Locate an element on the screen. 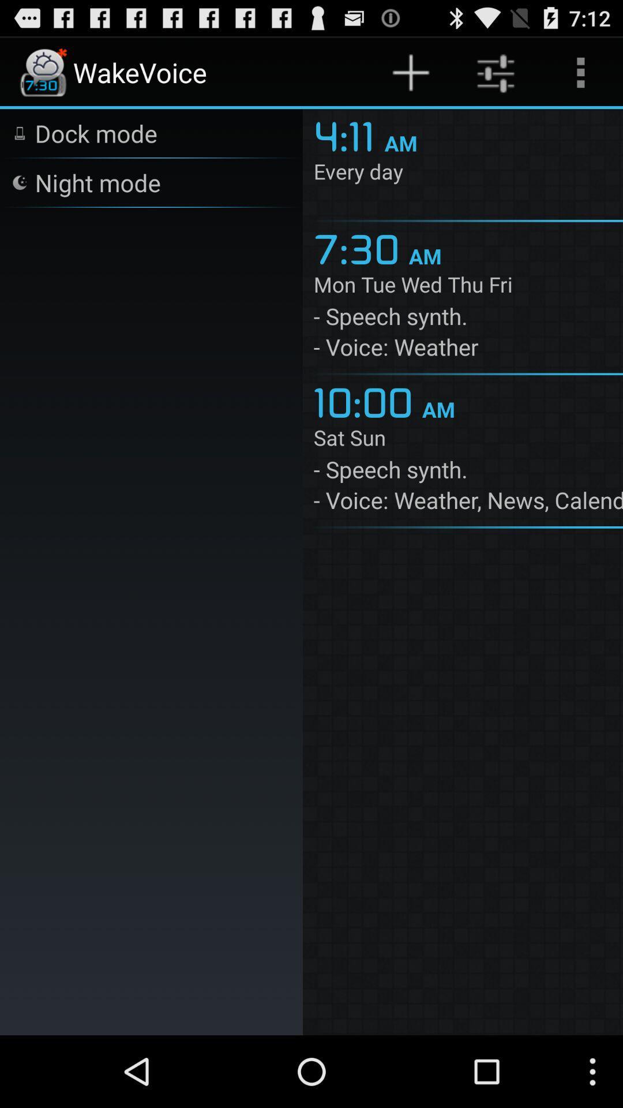  the item above - speech synth. is located at coordinates (468, 439).